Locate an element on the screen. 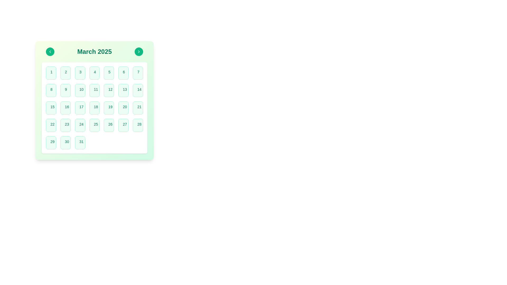  the Calendar Day Cell displaying the date '21', which is a rounded rectangular shape with a light green background and a darker green number '21' centered within it is located at coordinates (138, 107).